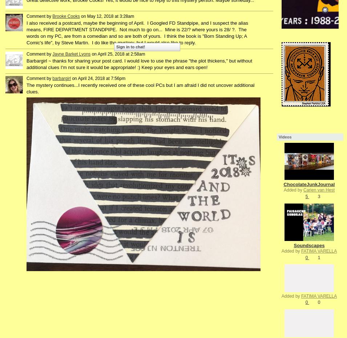  Describe the element at coordinates (117, 53) in the screenshot. I see `'on April 25, 2018 at 2:58am'` at that location.